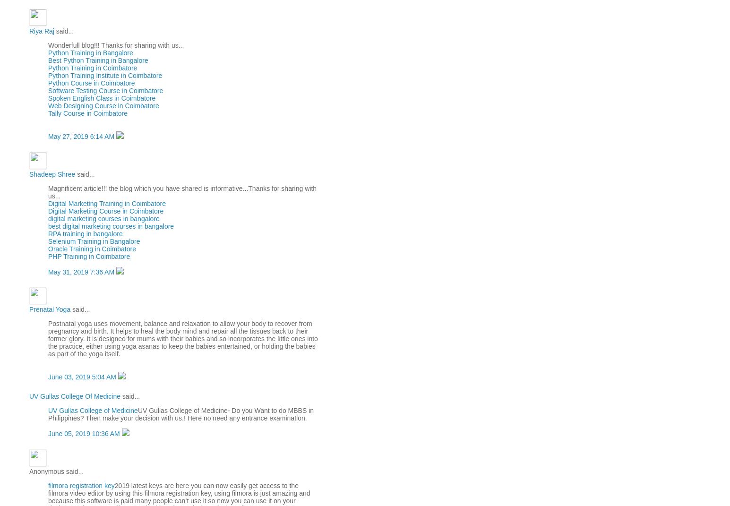  Describe the element at coordinates (75, 396) in the screenshot. I see `'UV Gullas College Of Medicine'` at that location.